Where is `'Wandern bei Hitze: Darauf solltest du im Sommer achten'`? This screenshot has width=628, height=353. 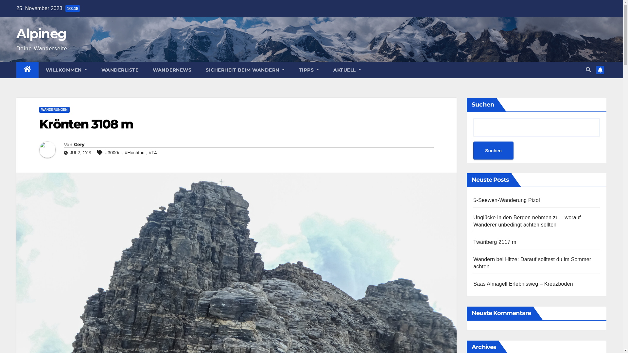 'Wandern bei Hitze: Darauf solltest du im Sommer achten' is located at coordinates (532, 262).